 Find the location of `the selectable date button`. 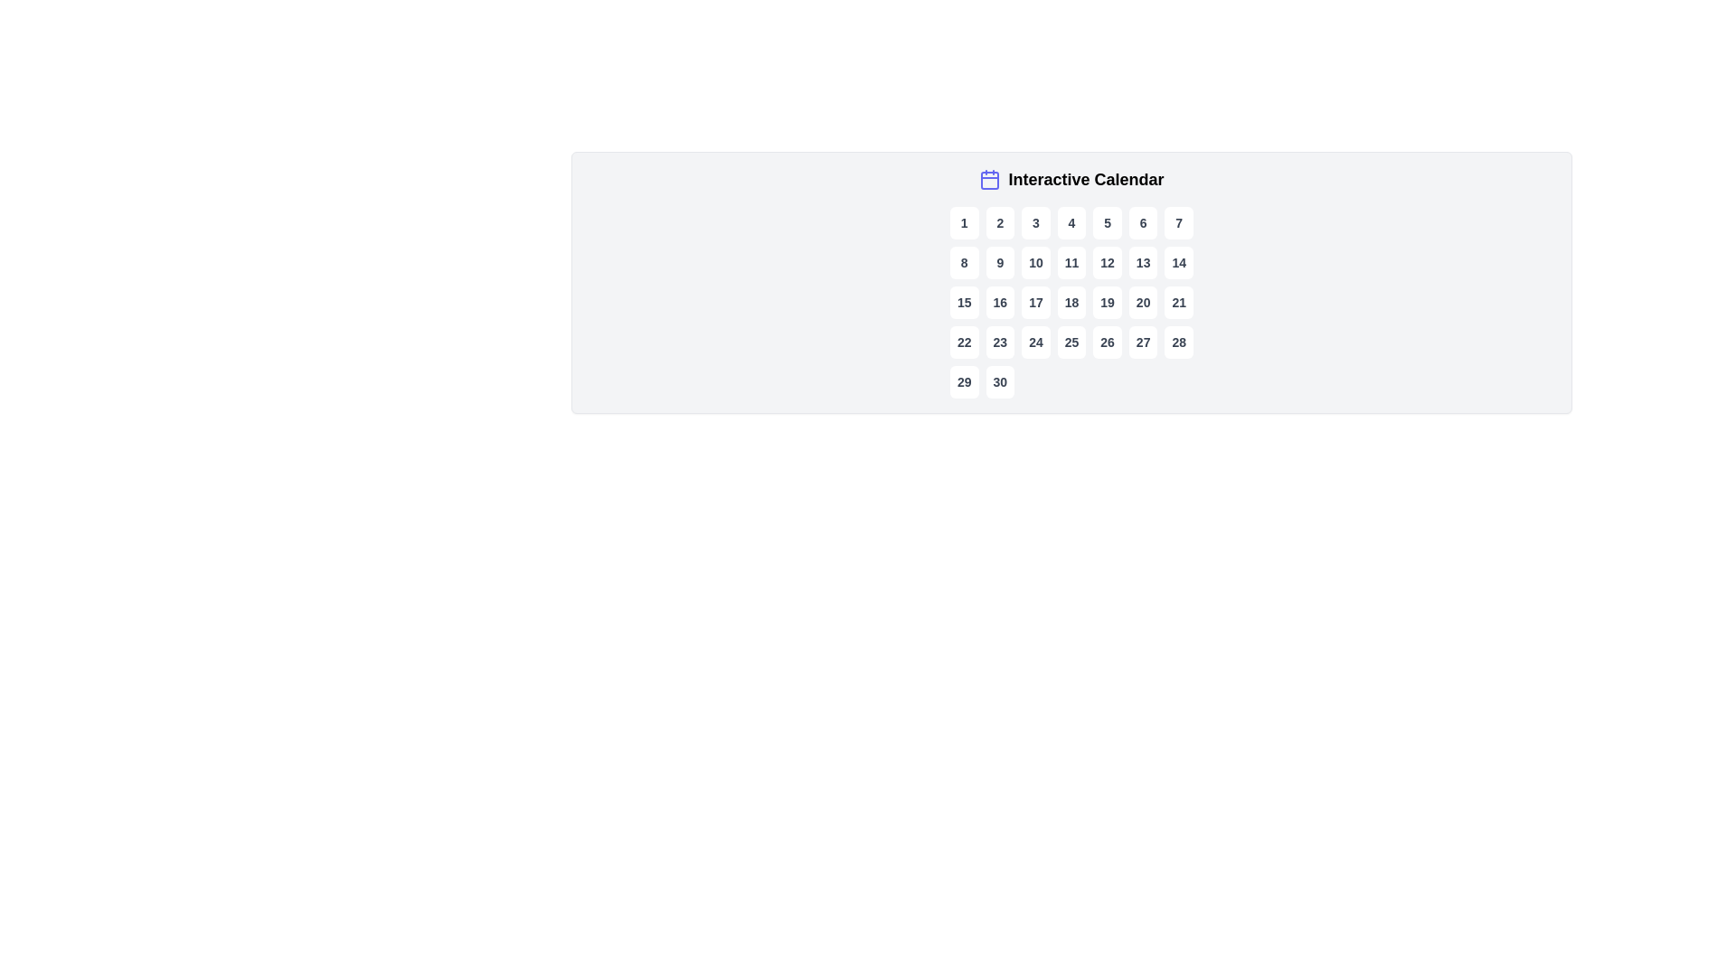

the selectable date button is located at coordinates (1035, 342).